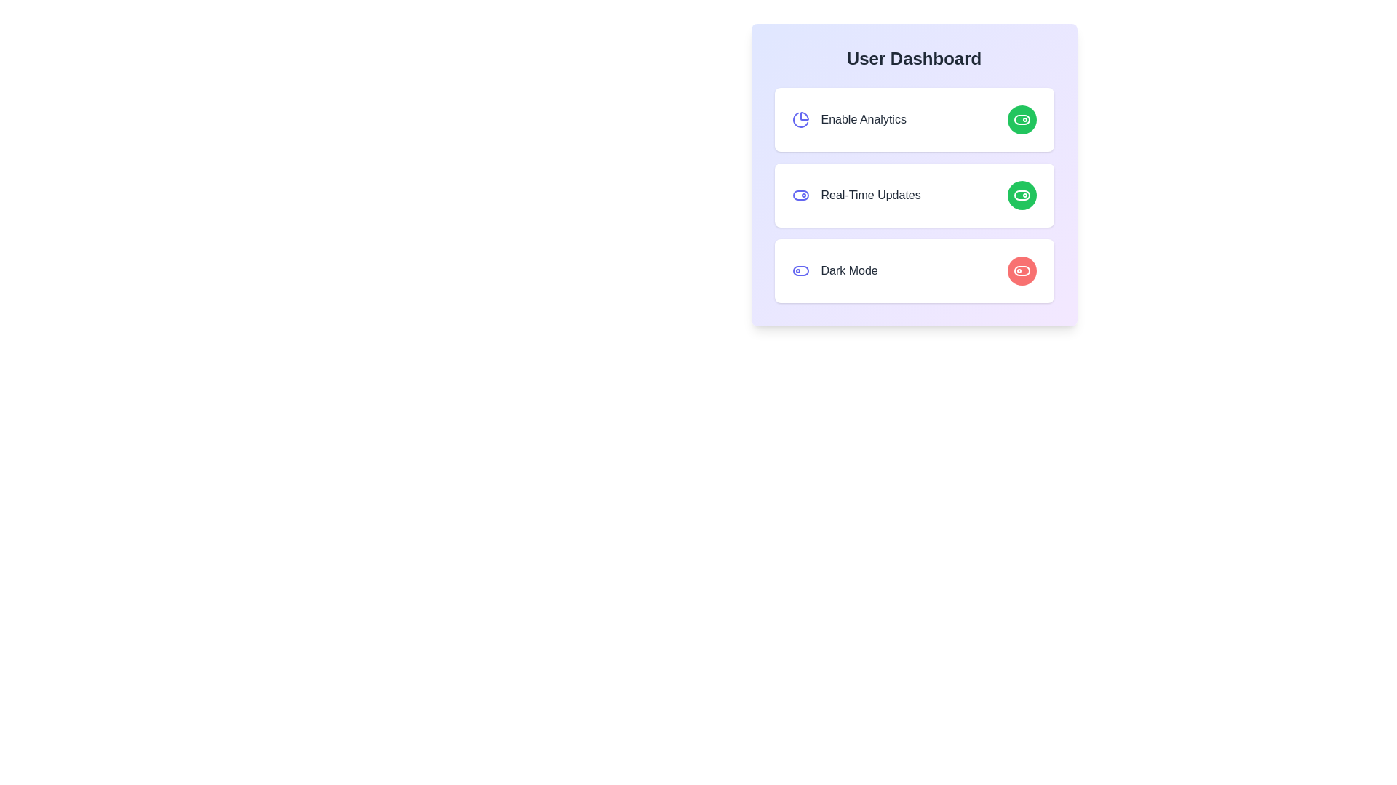 The width and height of the screenshot is (1397, 785). What do you see at coordinates (1021, 271) in the screenshot?
I see `the left-facing toggle switch icon with a red background associated with the 'Dark Mode' setting in the third row of options within the User Dashboard interface` at bounding box center [1021, 271].